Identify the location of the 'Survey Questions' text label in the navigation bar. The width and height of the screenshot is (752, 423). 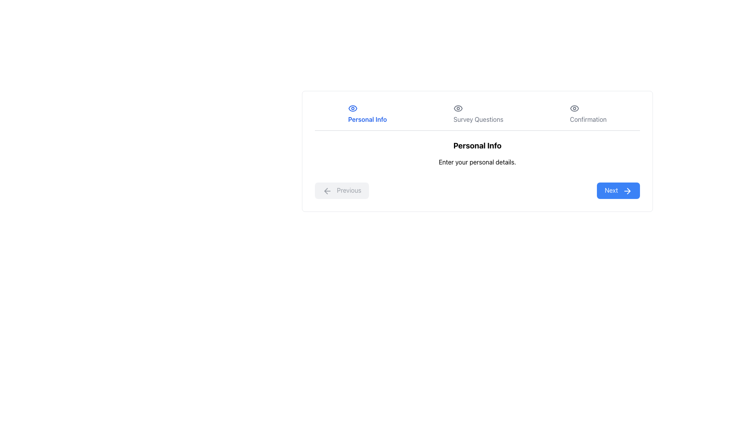
(478, 119).